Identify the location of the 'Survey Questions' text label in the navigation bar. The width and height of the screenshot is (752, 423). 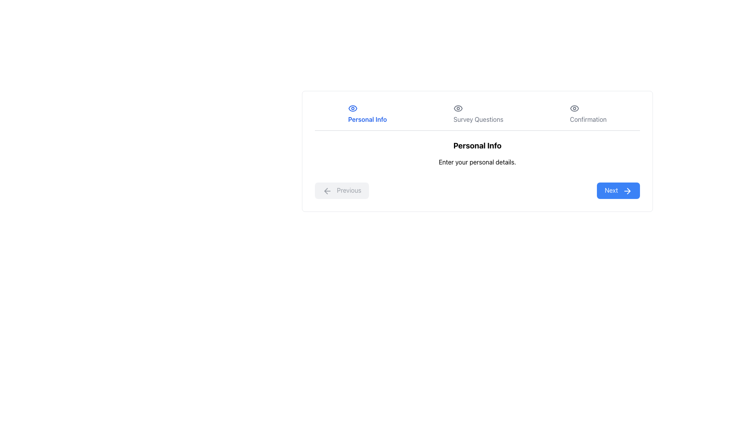
(478, 119).